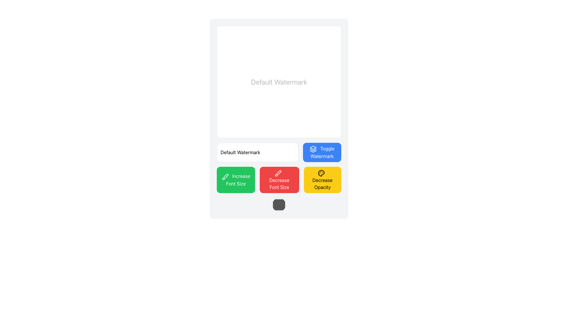  What do you see at coordinates (313, 149) in the screenshot?
I see `the small icon with a layered stack design located to the left of the 'Toggle Watermark' button, which has a blue background and sharp lines` at bounding box center [313, 149].